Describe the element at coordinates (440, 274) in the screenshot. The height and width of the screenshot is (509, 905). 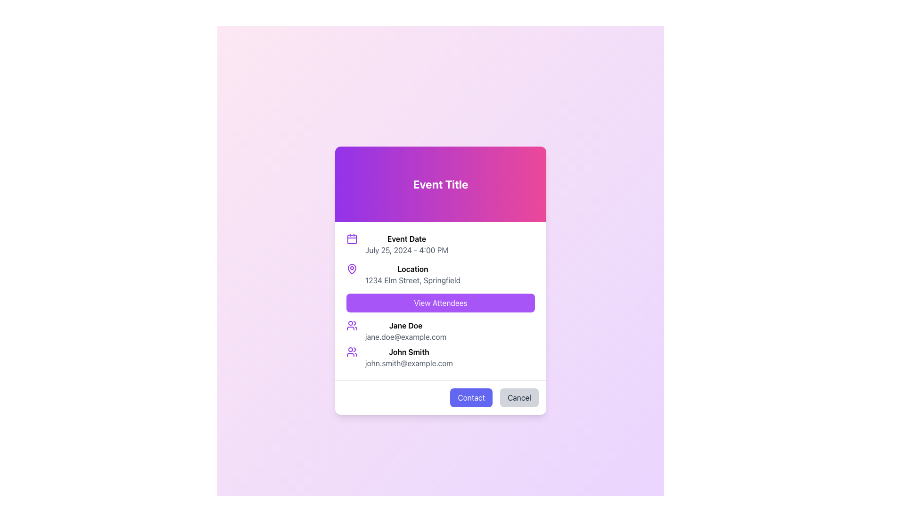
I see `the text block labeled 'Location' that displays the address '1234 Elm Street, Springfield' and includes a purple map pin icon on the left, located within the card under 'Event Date'` at that location.